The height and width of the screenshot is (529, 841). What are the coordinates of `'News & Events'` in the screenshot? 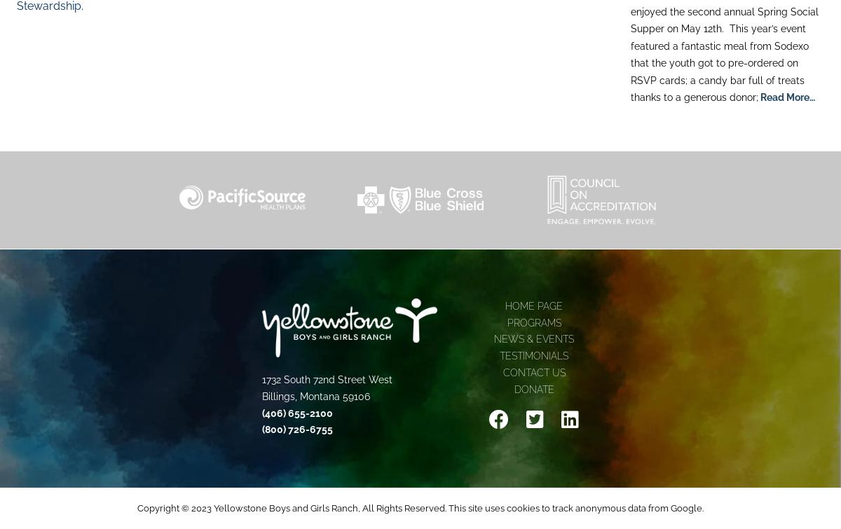 It's located at (494, 338).